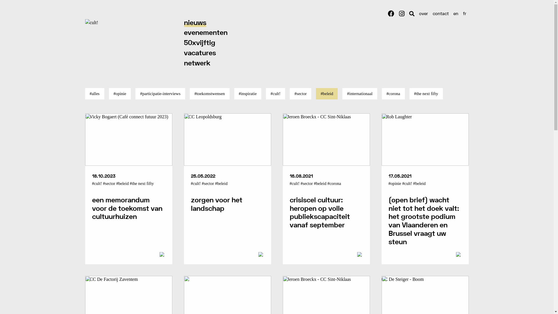 The image size is (558, 314). What do you see at coordinates (160, 93) in the screenshot?
I see `'#participatie-interviews'` at bounding box center [160, 93].